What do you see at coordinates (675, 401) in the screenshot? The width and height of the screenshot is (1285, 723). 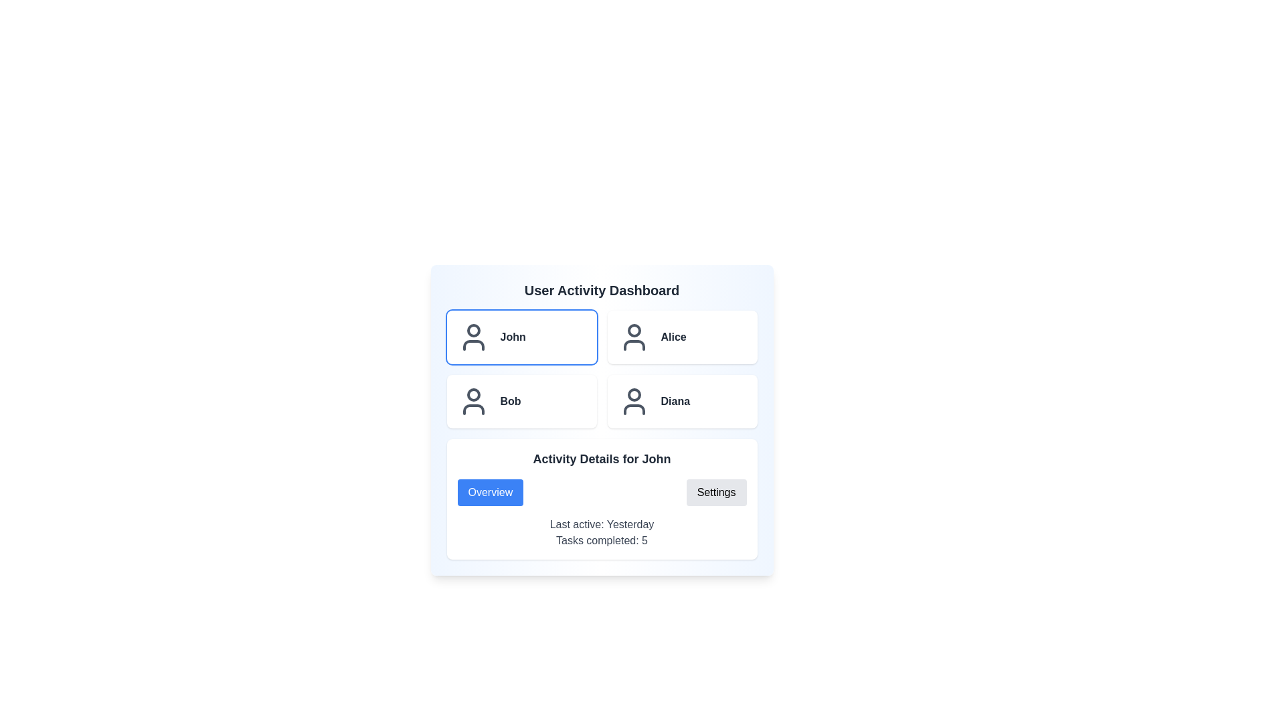 I see `the label displaying the name 'Diana' in bold, dark gray text, located in the bottom-right quadrant of the user profile grid layout` at bounding box center [675, 401].